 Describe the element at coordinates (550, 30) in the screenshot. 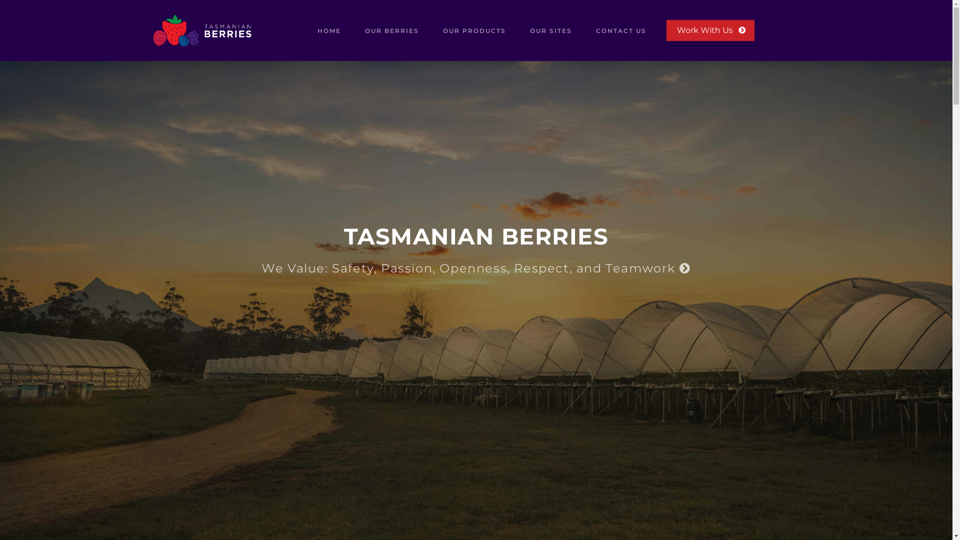

I see `'OUR SITES'` at that location.